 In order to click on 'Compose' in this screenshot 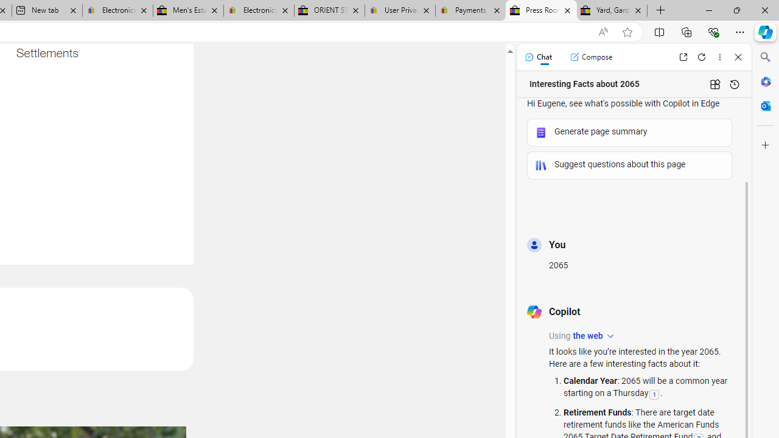, I will do `click(591, 57)`.